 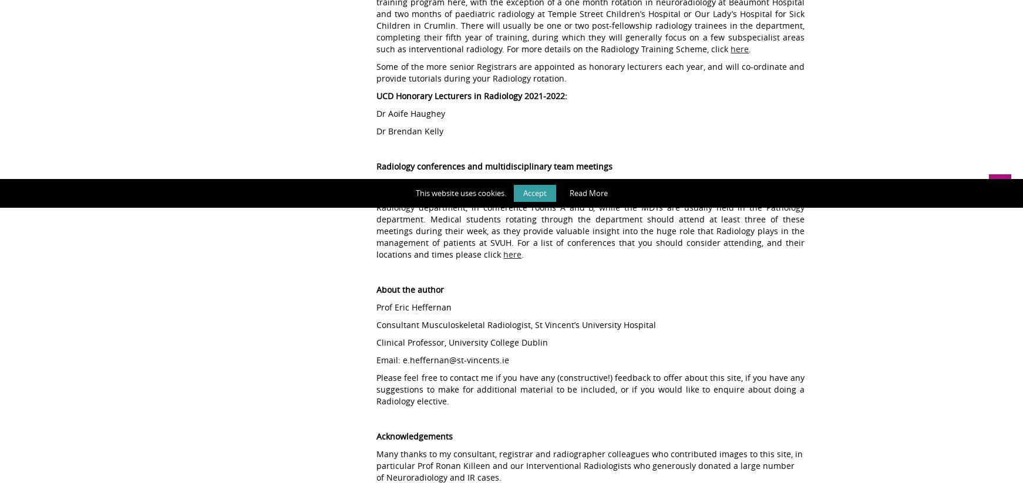 I want to click on 'Radiology conferences and multidisciplinary team meetings', so click(x=494, y=166).